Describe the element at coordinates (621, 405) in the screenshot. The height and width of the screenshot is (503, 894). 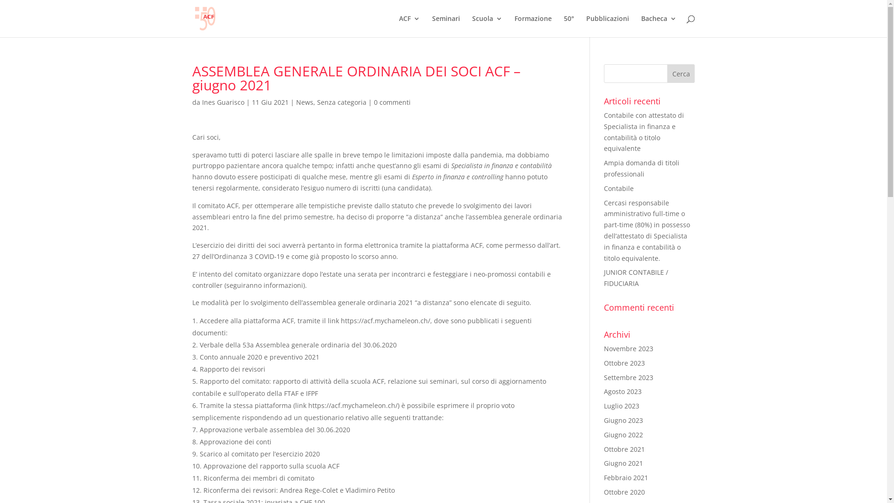
I see `'Luglio 2023'` at that location.